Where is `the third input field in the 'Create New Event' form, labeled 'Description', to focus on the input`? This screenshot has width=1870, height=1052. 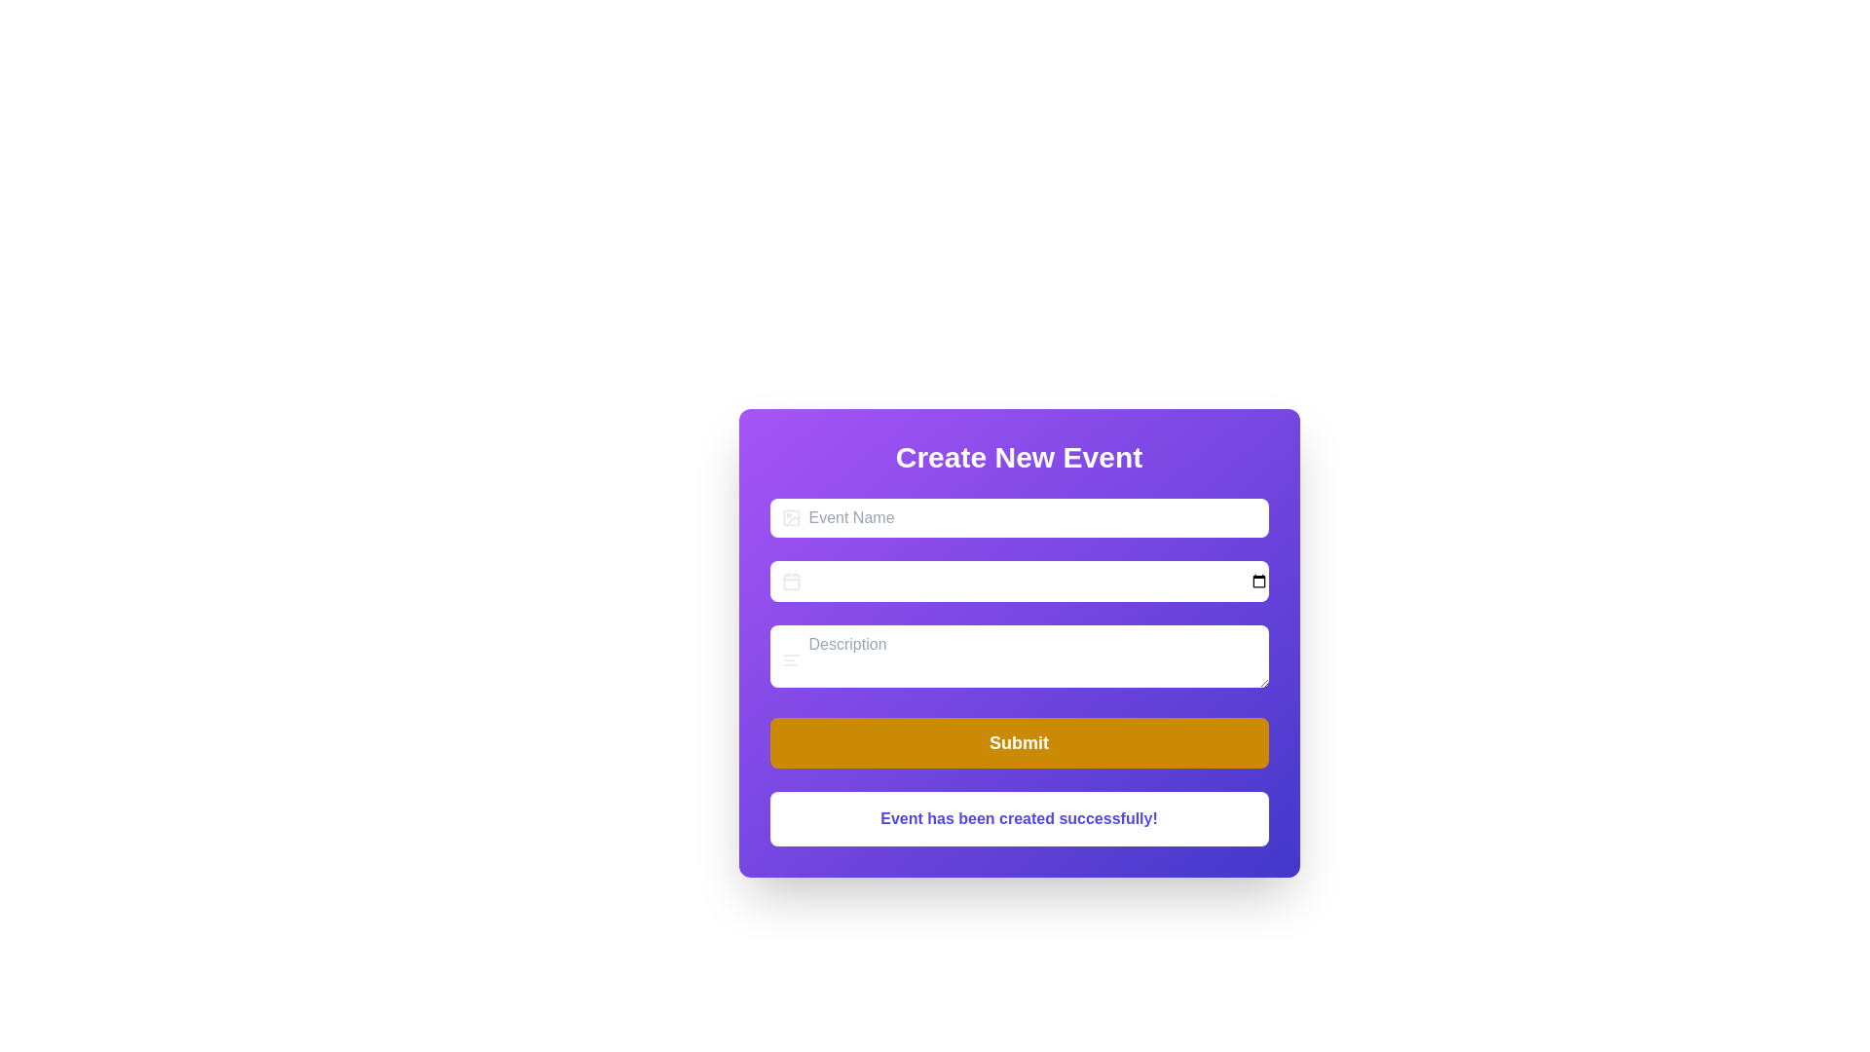
the third input field in the 'Create New Event' form, labeled 'Description', to focus on the input is located at coordinates (1018, 658).